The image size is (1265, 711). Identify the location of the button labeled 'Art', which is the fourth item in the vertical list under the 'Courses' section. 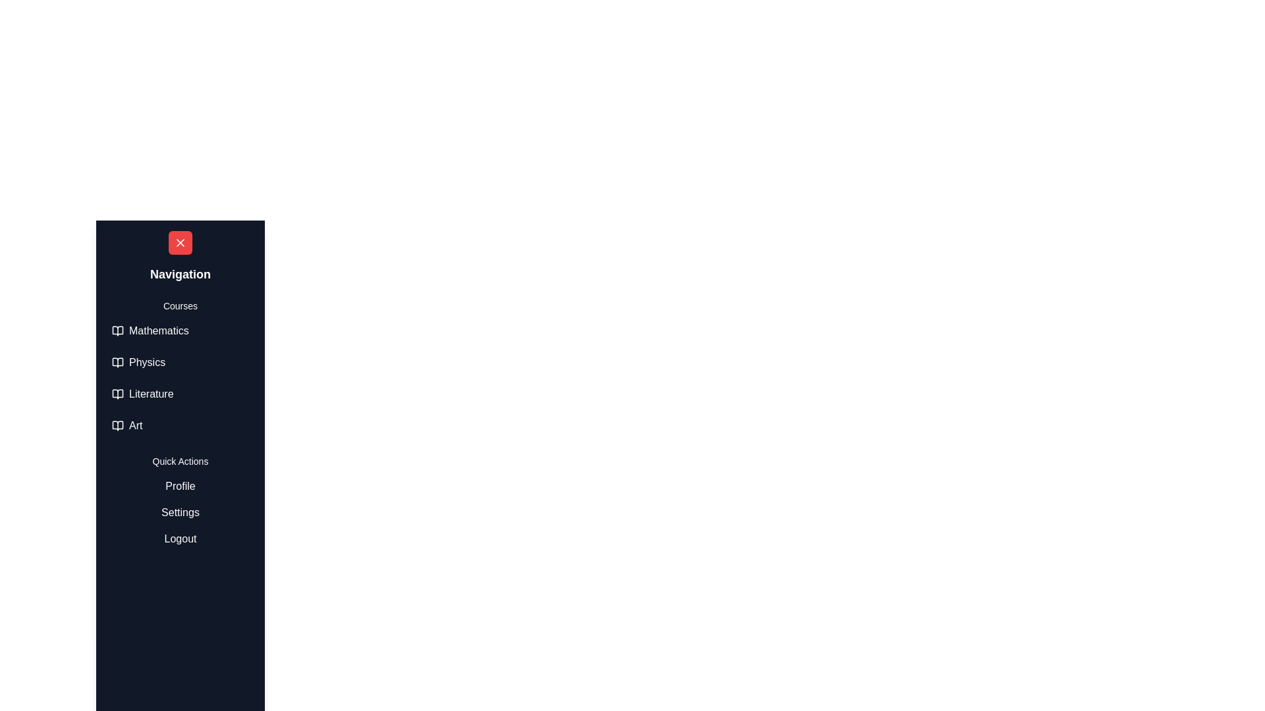
(179, 426).